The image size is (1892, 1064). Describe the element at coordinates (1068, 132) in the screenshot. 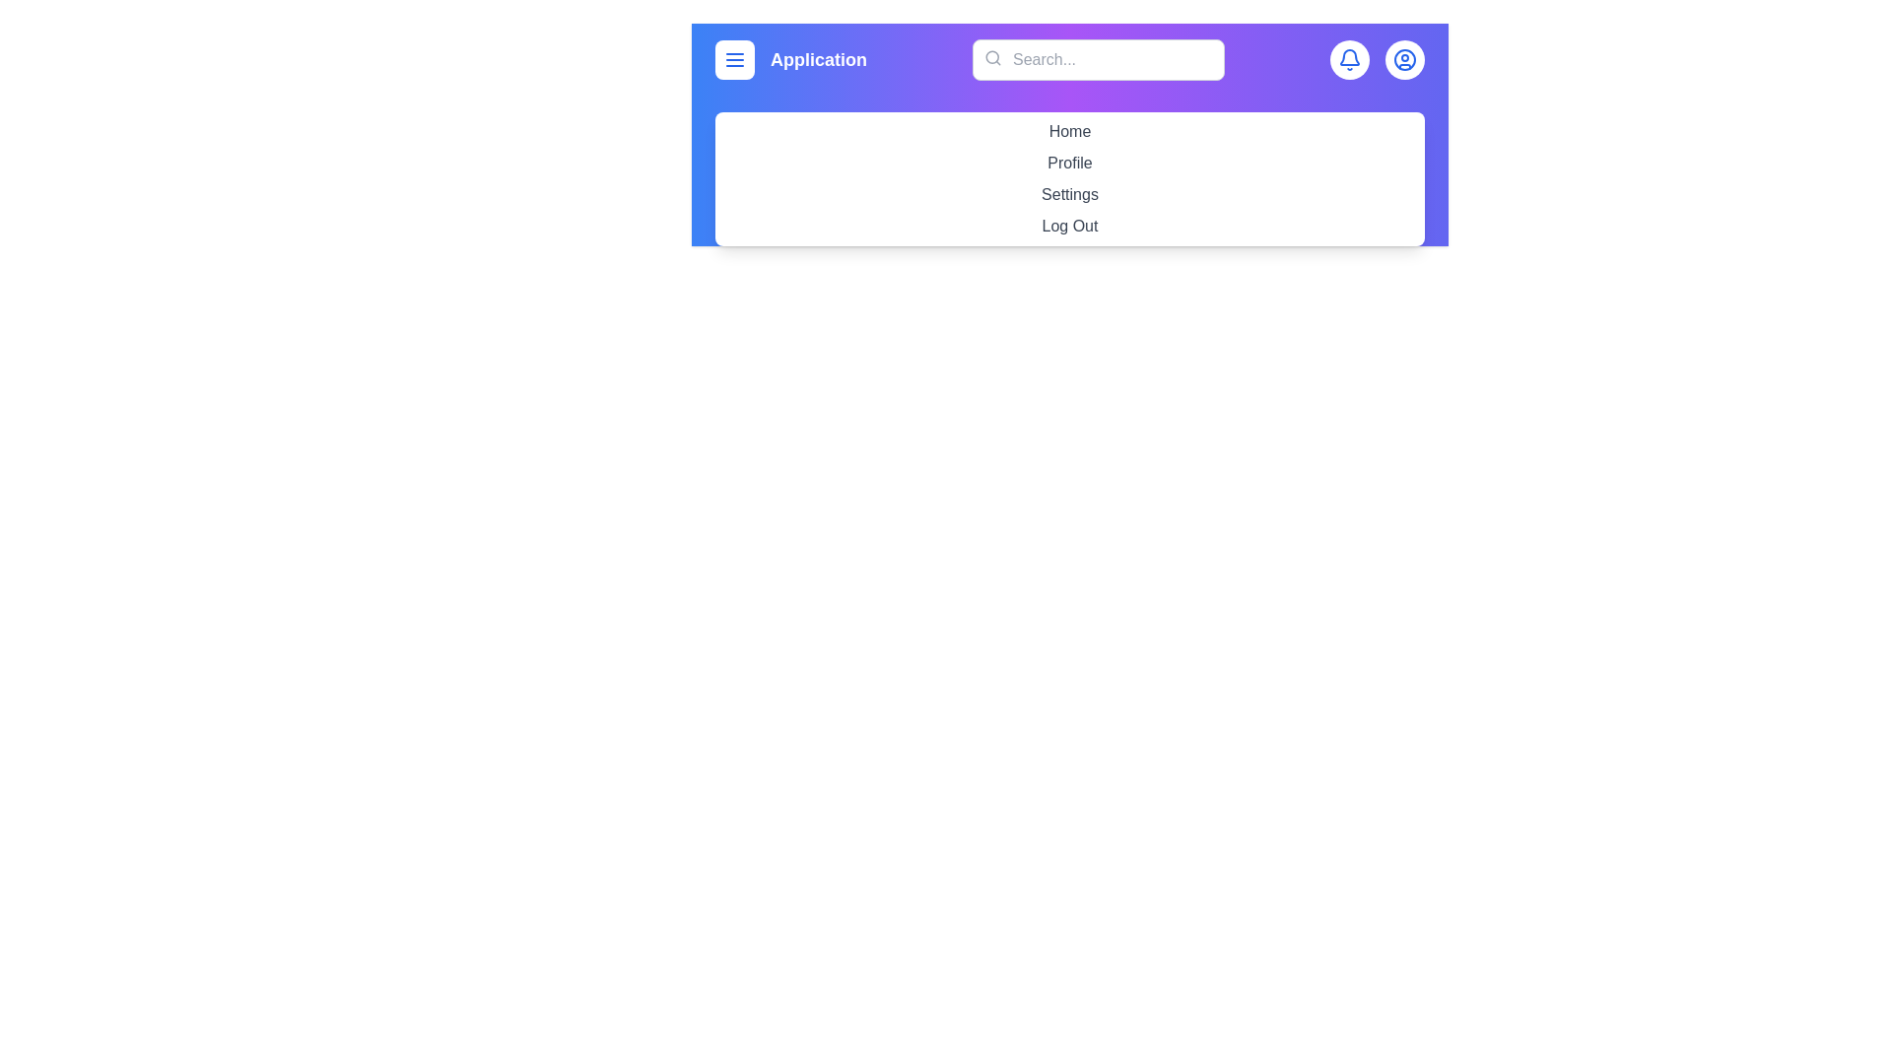

I see `the menu item labeled Home to navigate to its respective section` at that location.